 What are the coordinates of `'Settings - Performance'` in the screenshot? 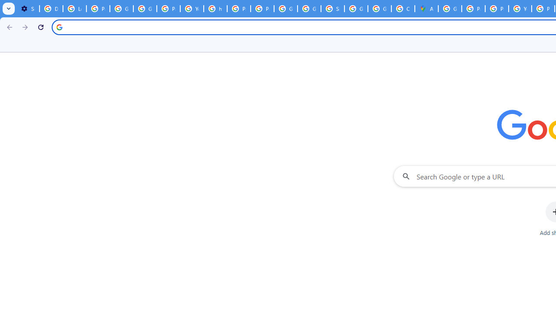 It's located at (28, 9).